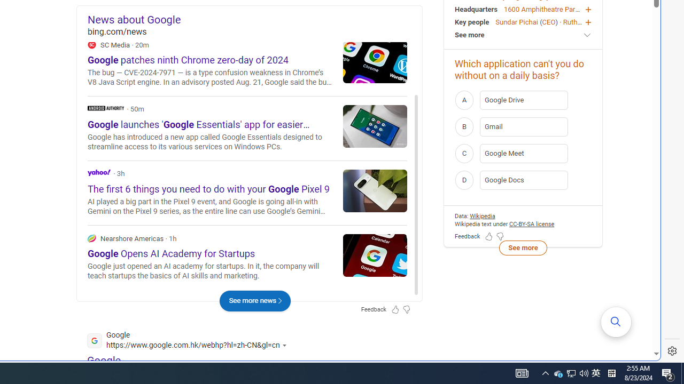 The image size is (684, 384). What do you see at coordinates (500, 236) in the screenshot?
I see `'Feedback Dislike'` at bounding box center [500, 236].